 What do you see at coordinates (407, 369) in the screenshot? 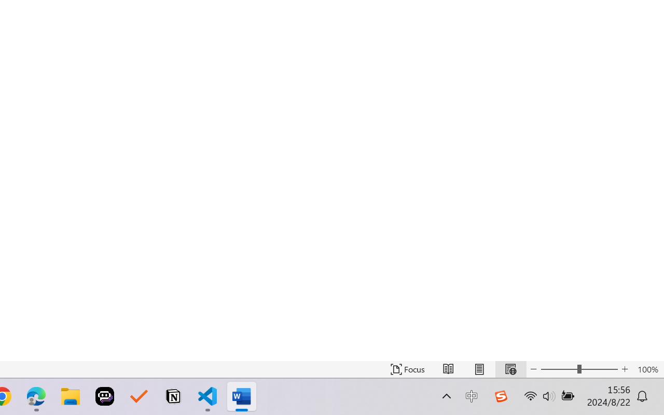
I see `'Focus '` at bounding box center [407, 369].